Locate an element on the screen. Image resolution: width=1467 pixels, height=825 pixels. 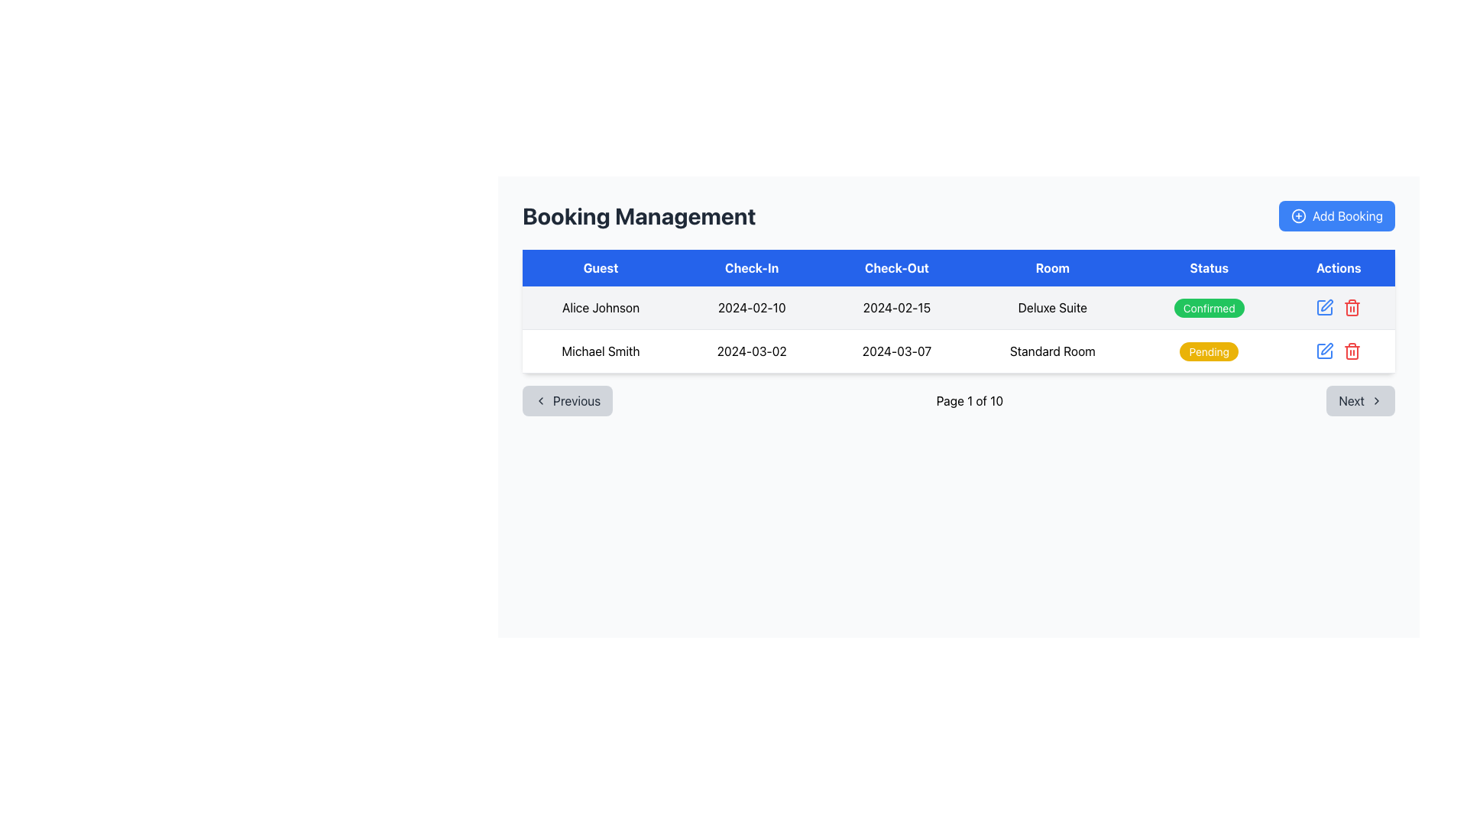
the 'add' icon located on the left side of the 'Add Booking' button is located at coordinates (1297, 215).